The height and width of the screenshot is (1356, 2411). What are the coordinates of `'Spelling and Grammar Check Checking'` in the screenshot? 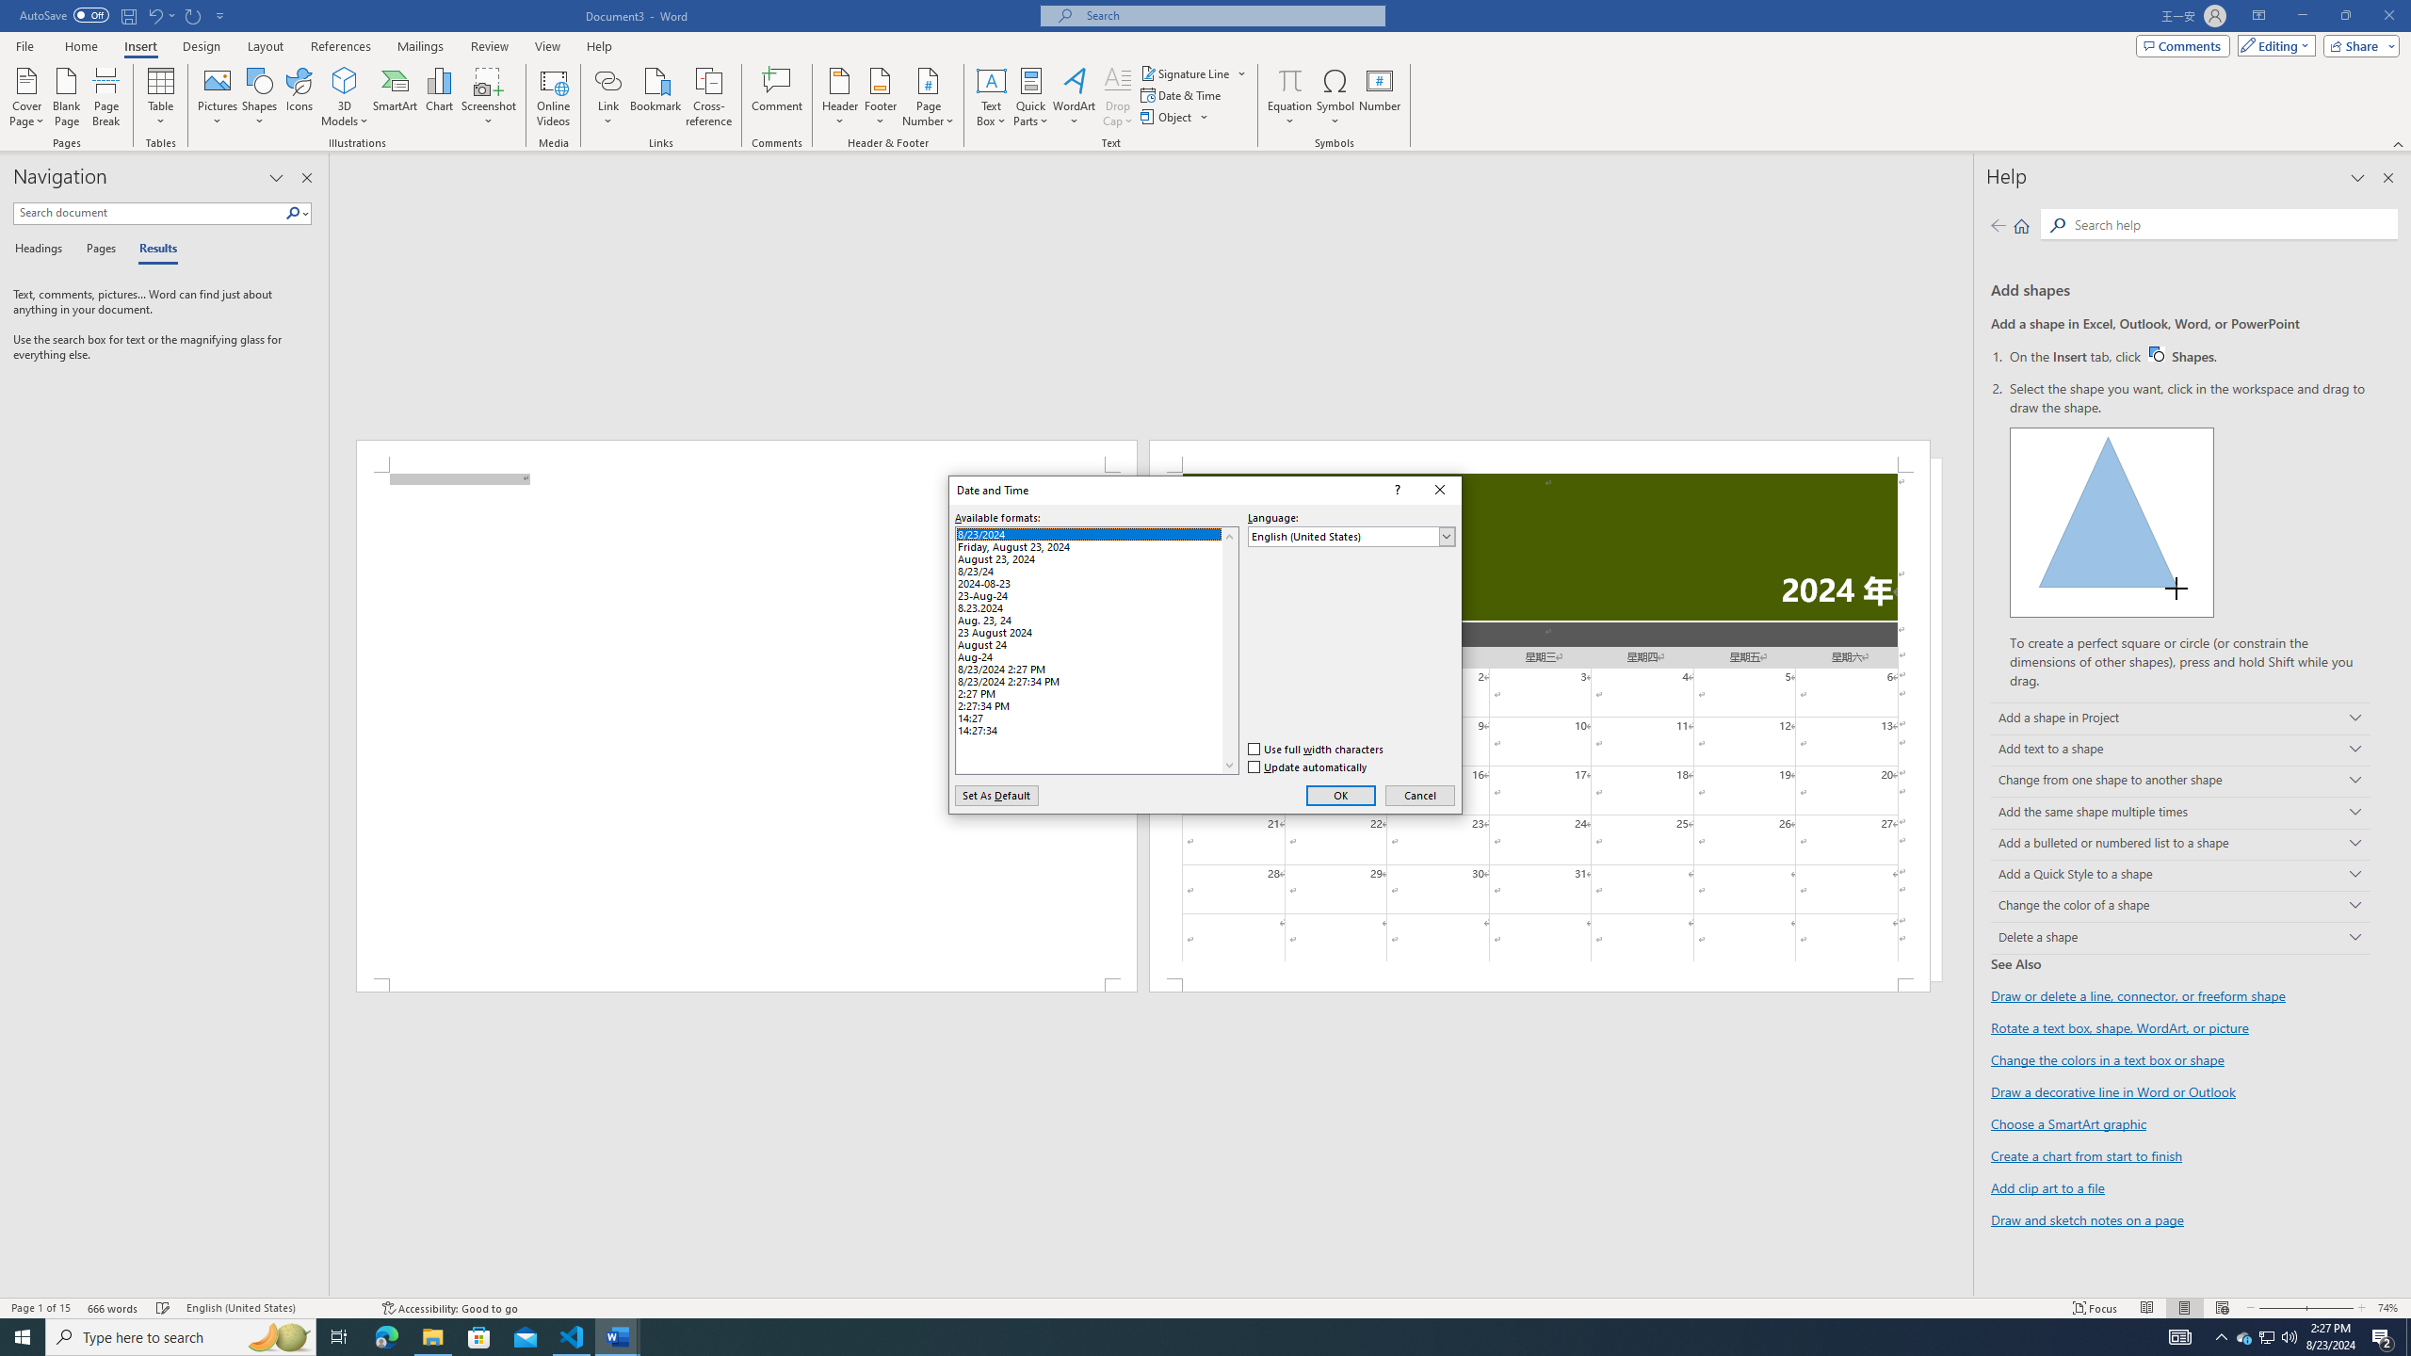 It's located at (164, 1308).